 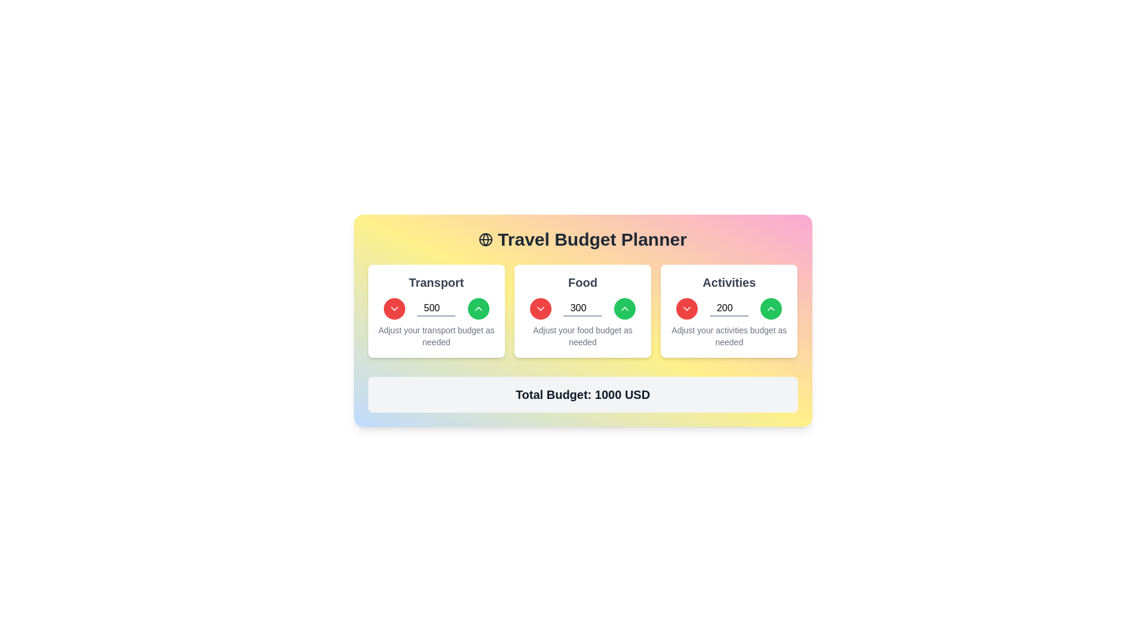 I want to click on the Static Text Label displaying 'Transport' at the top of the leftmost card under 'Travel Budget Planner', so click(x=436, y=283).